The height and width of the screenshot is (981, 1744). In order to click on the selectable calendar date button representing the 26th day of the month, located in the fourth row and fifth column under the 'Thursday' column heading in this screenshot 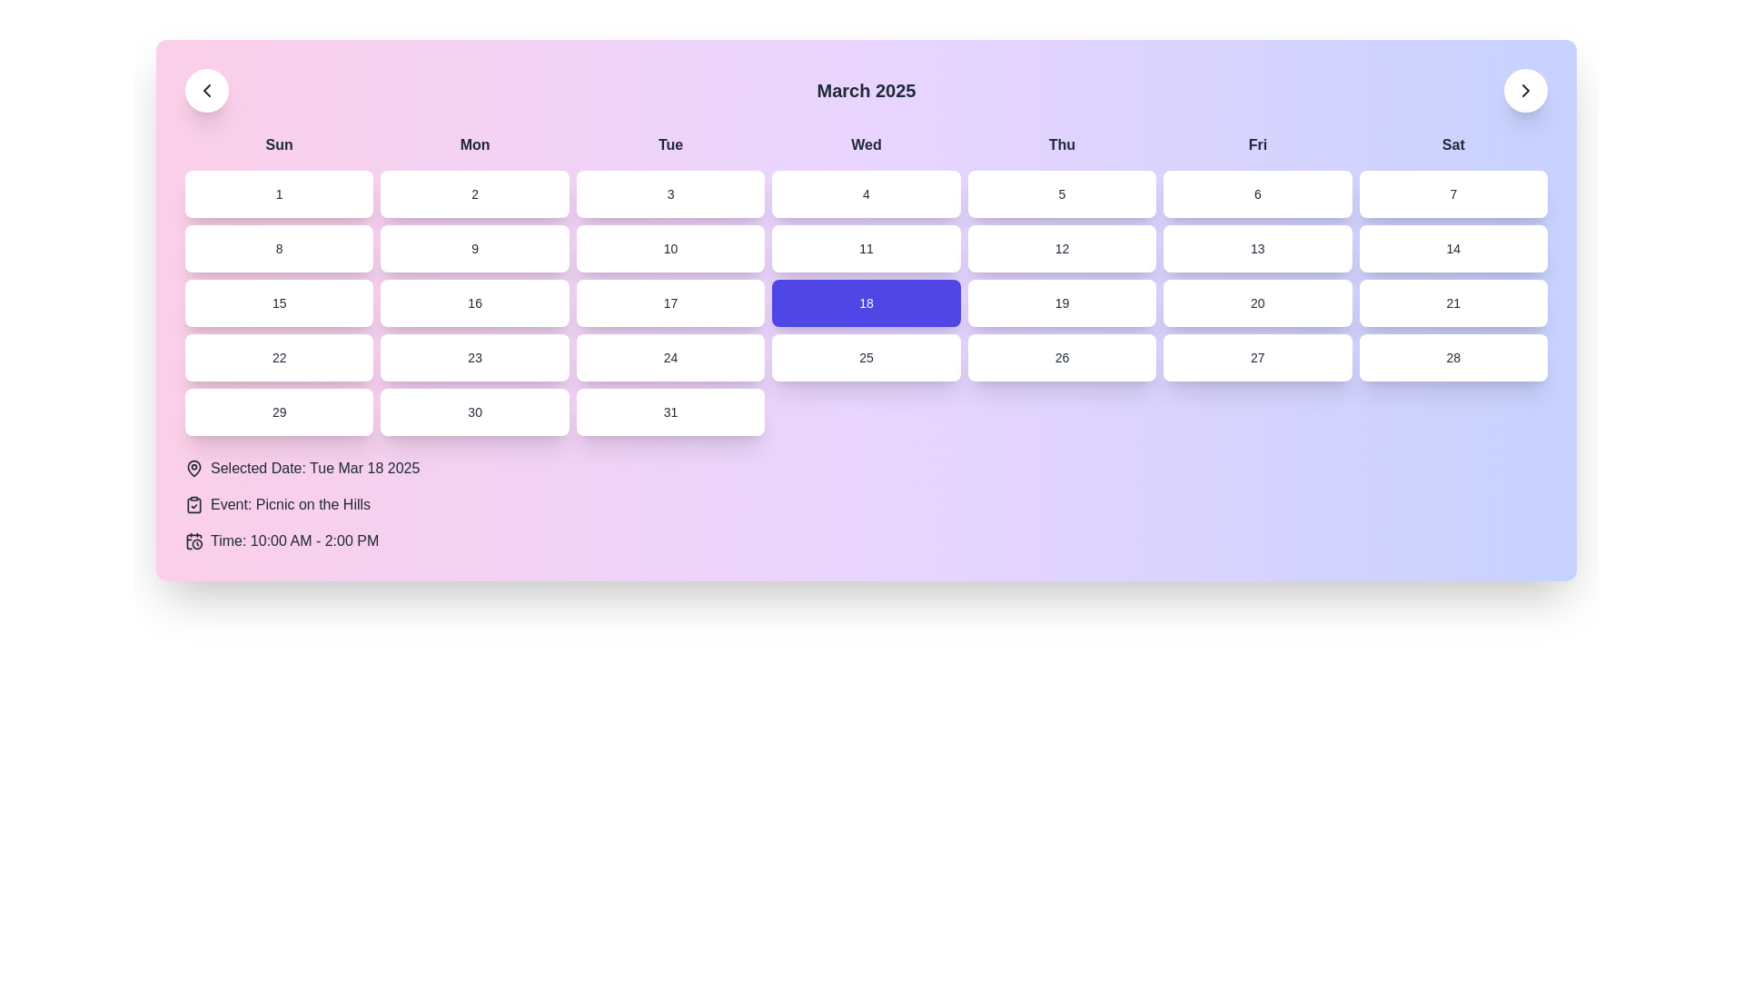, I will do `click(1062, 357)`.